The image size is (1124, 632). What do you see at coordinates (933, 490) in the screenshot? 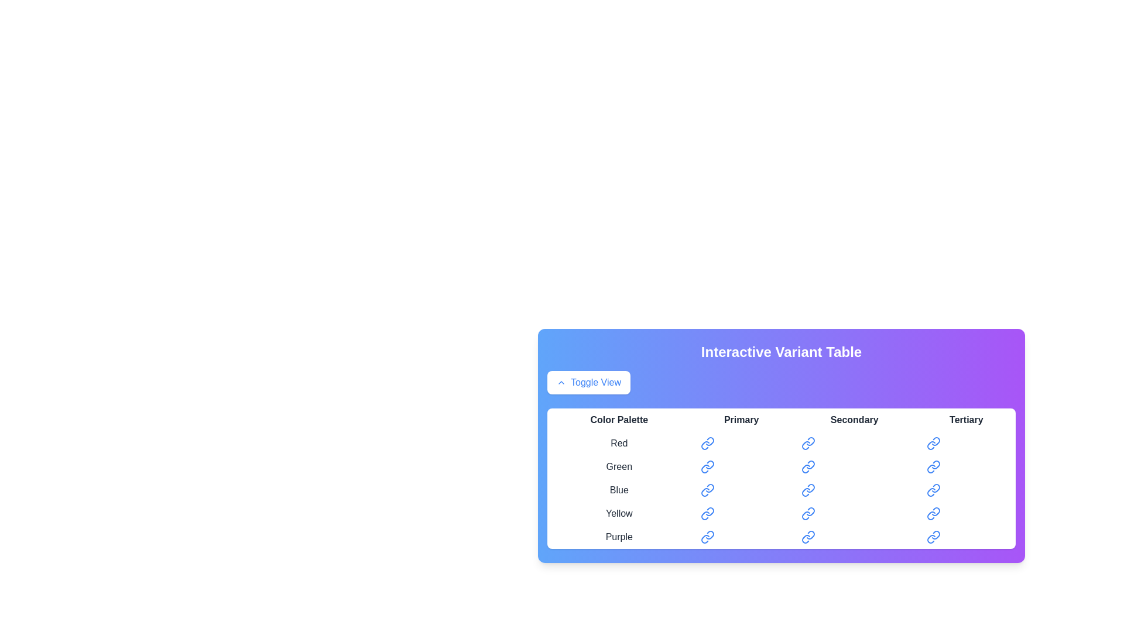
I see `the blue chain-like icon link located in the 'Tertiary' column under the 'Blue' row of the 'Interactive Variant Table'` at bounding box center [933, 490].